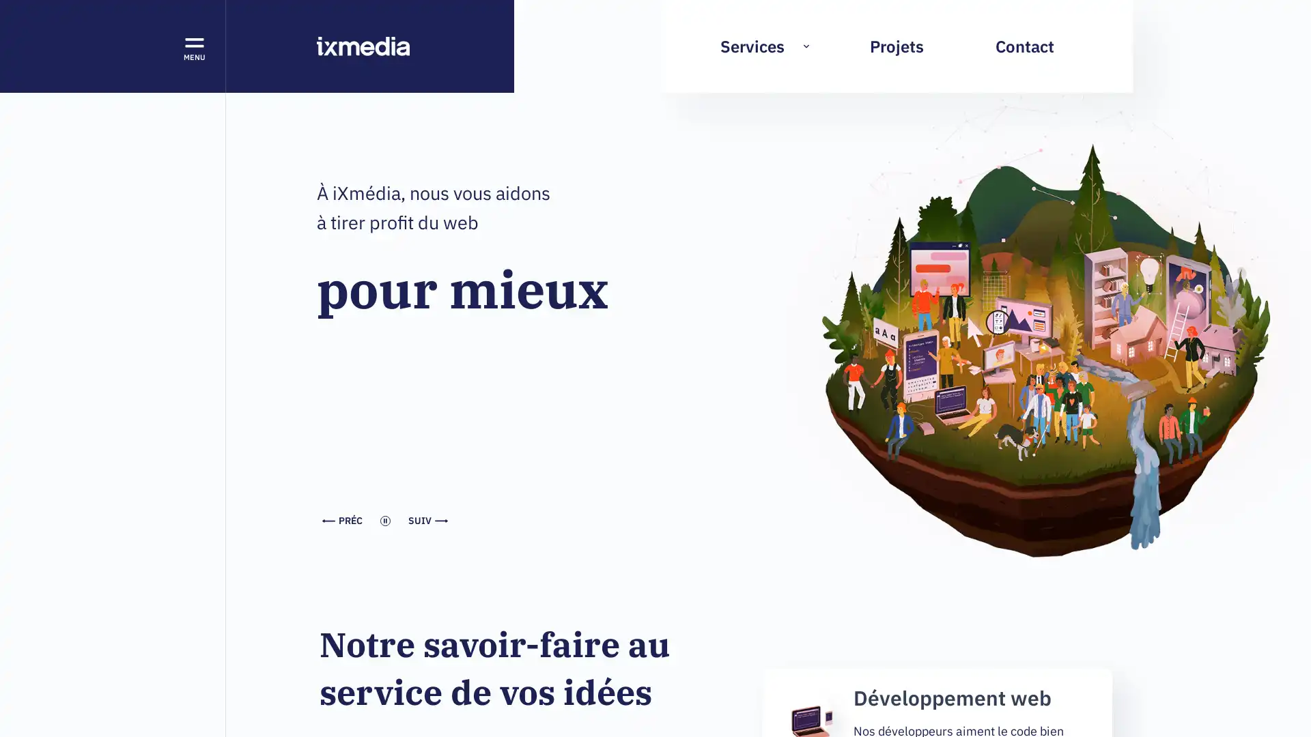 The image size is (1311, 737). Describe the element at coordinates (384, 521) in the screenshot. I see `METTRE EN PAUSE` at that location.